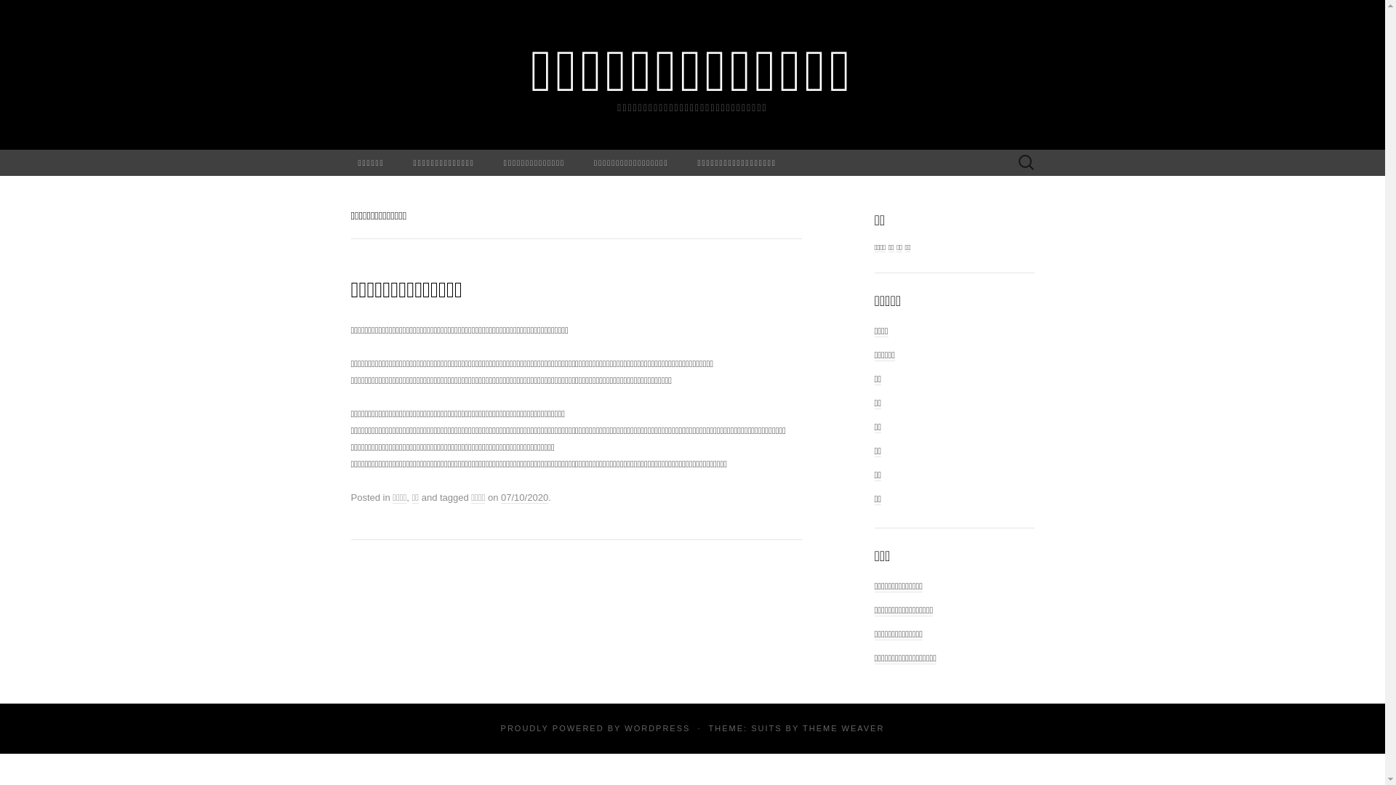 Image resolution: width=1396 pixels, height=785 pixels. I want to click on 'WORDPRESS', so click(656, 728).